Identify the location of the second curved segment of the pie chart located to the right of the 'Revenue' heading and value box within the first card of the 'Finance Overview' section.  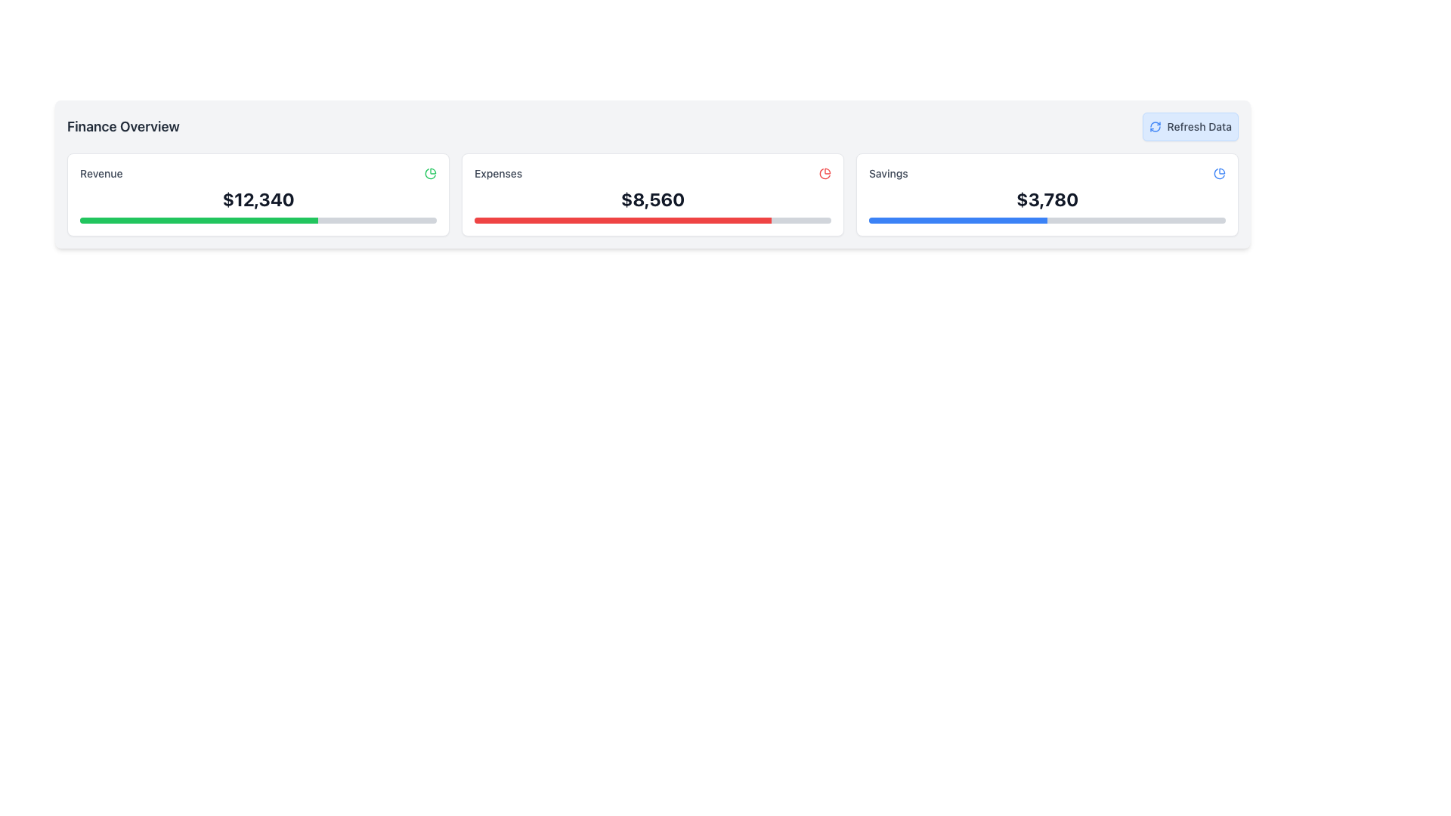
(429, 173).